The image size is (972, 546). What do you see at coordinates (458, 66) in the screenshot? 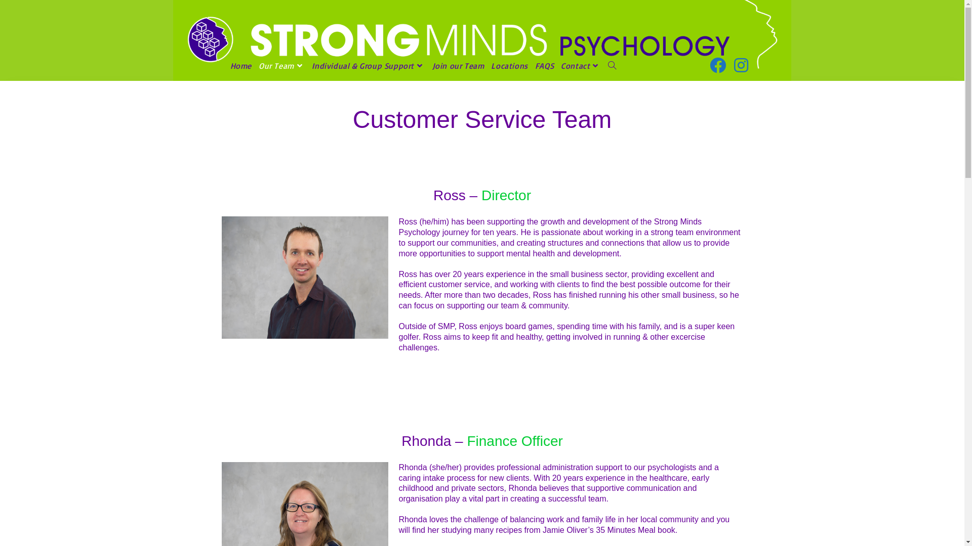
I see `'Join our Team'` at bounding box center [458, 66].